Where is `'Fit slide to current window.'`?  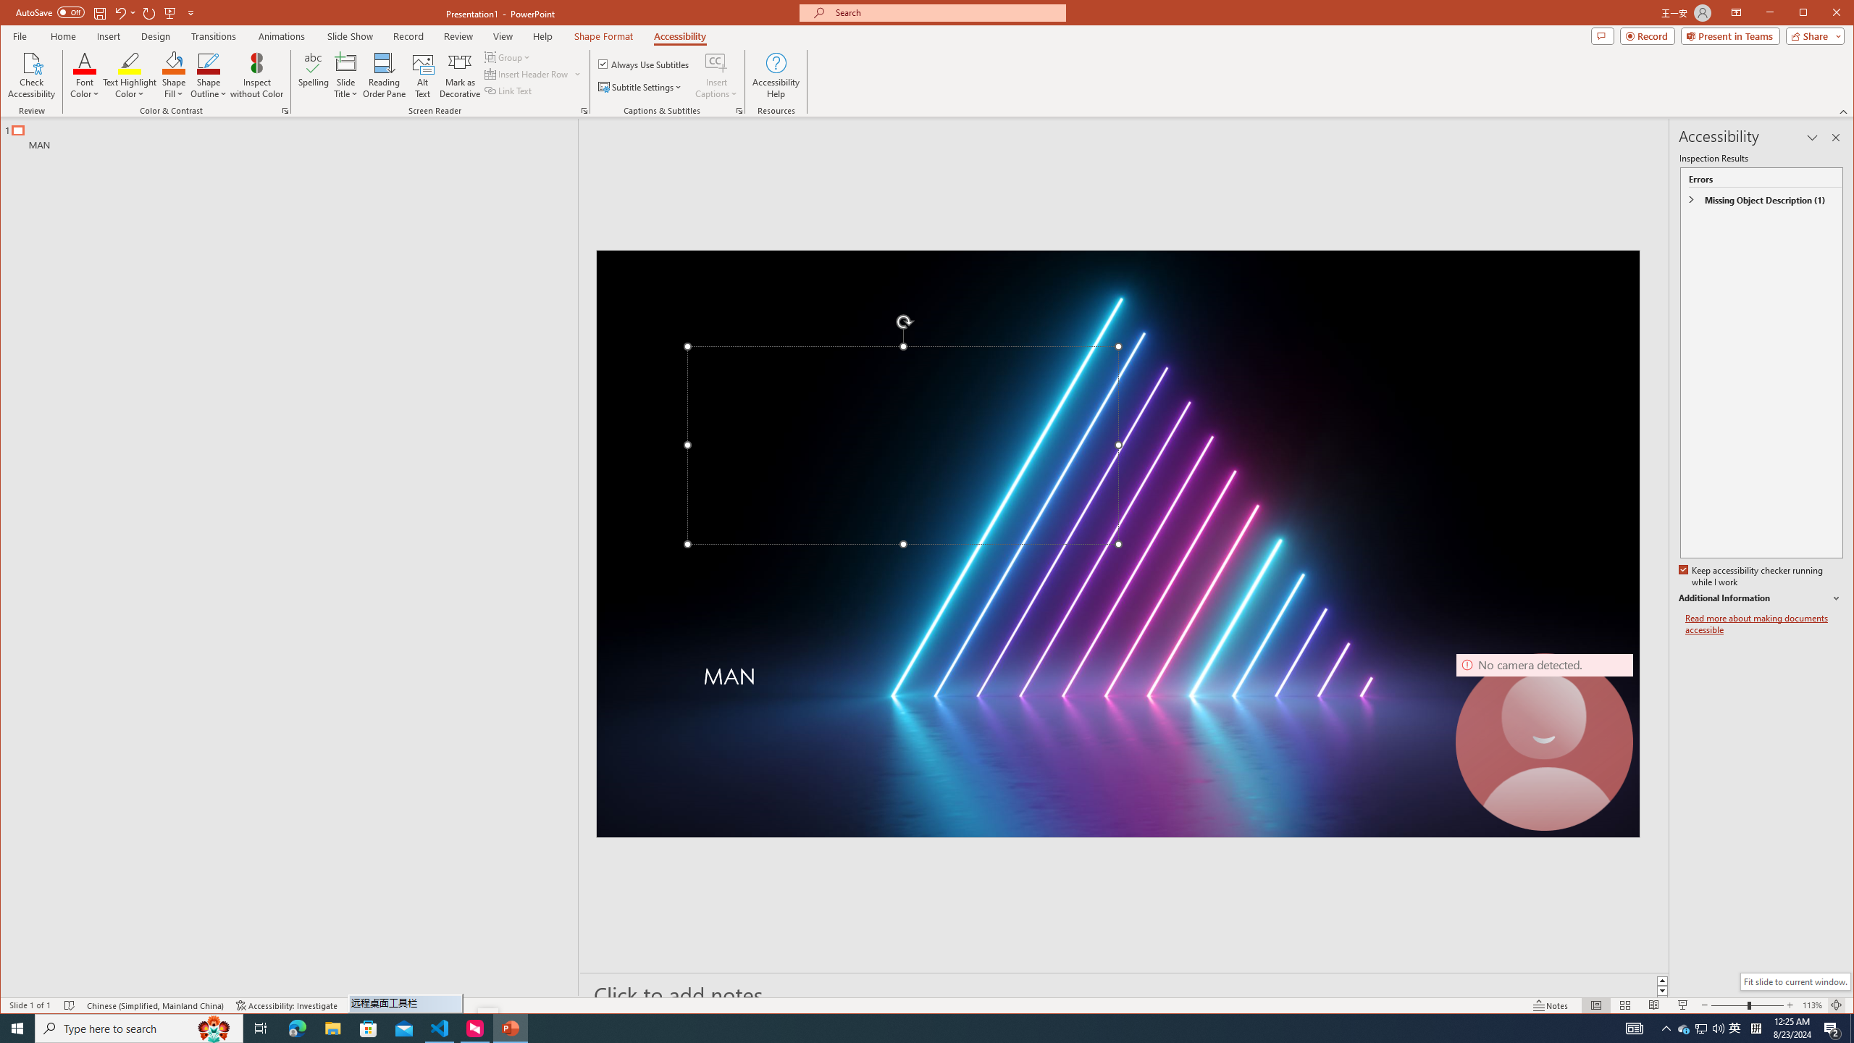 'Fit slide to current window.' is located at coordinates (1795, 981).